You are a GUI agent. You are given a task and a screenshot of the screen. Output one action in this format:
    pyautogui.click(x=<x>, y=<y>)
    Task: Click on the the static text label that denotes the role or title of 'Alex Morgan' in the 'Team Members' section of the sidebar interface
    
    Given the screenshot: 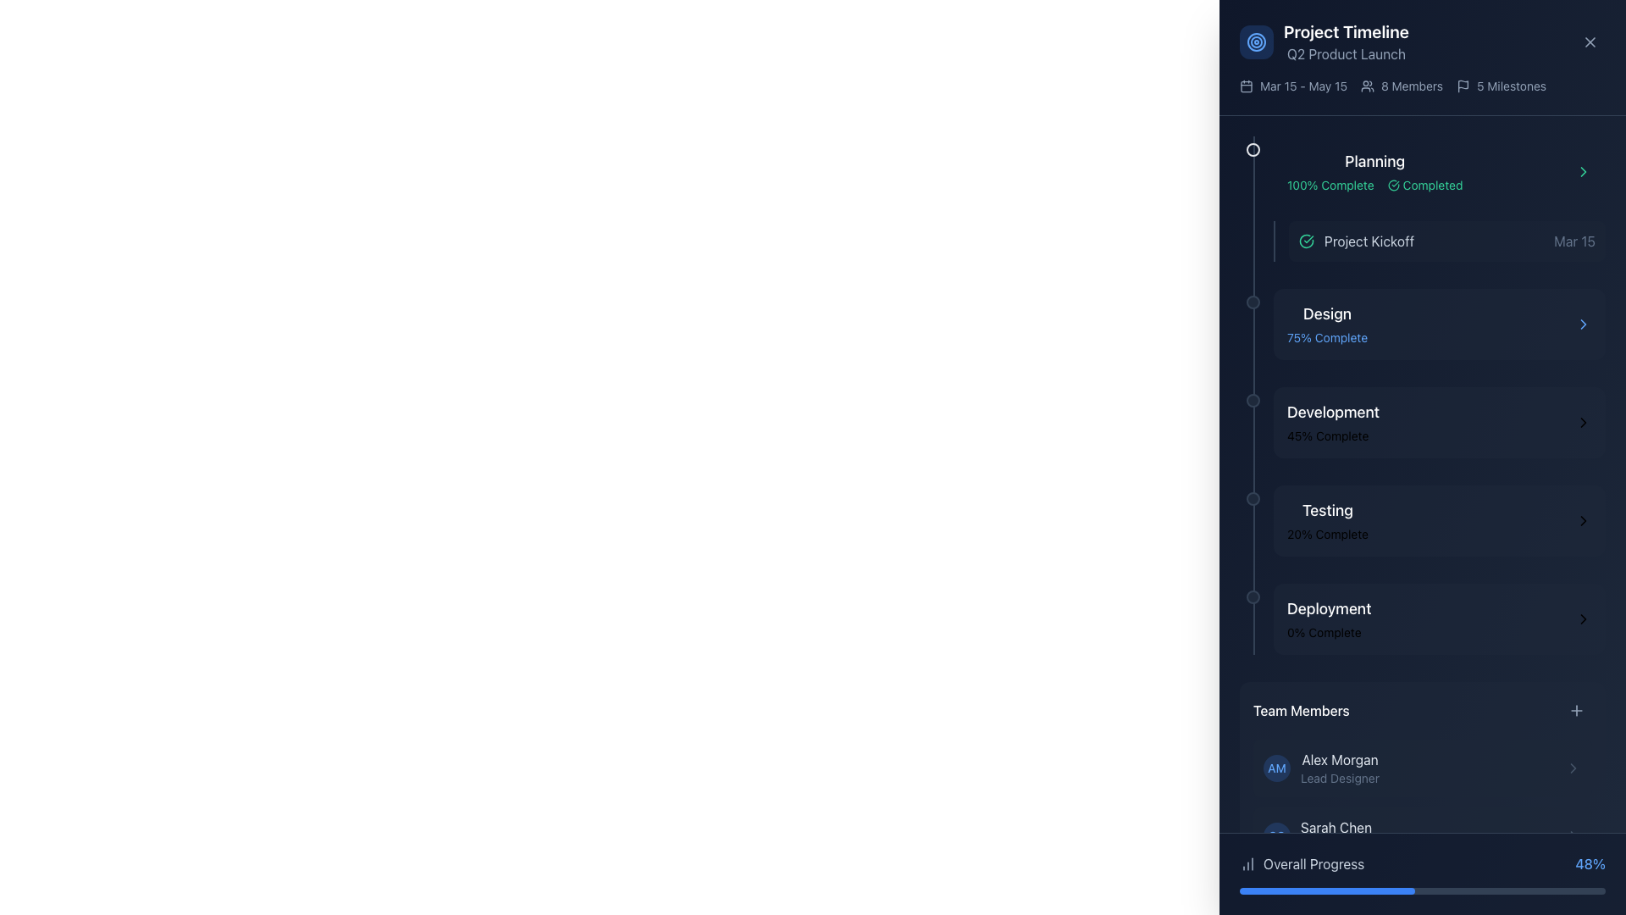 What is the action you would take?
    pyautogui.click(x=1339, y=778)
    